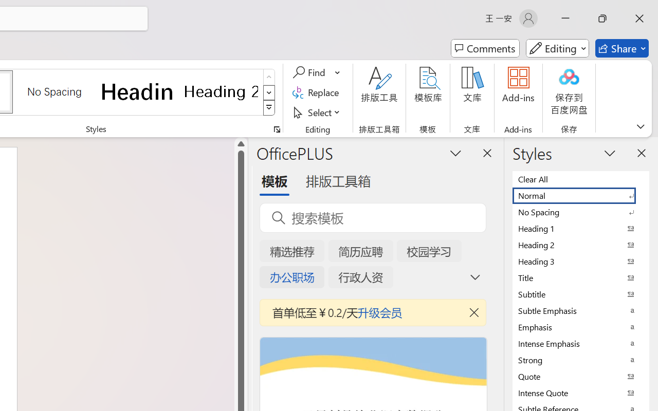  Describe the element at coordinates (602, 18) in the screenshot. I see `'Restore Down'` at that location.